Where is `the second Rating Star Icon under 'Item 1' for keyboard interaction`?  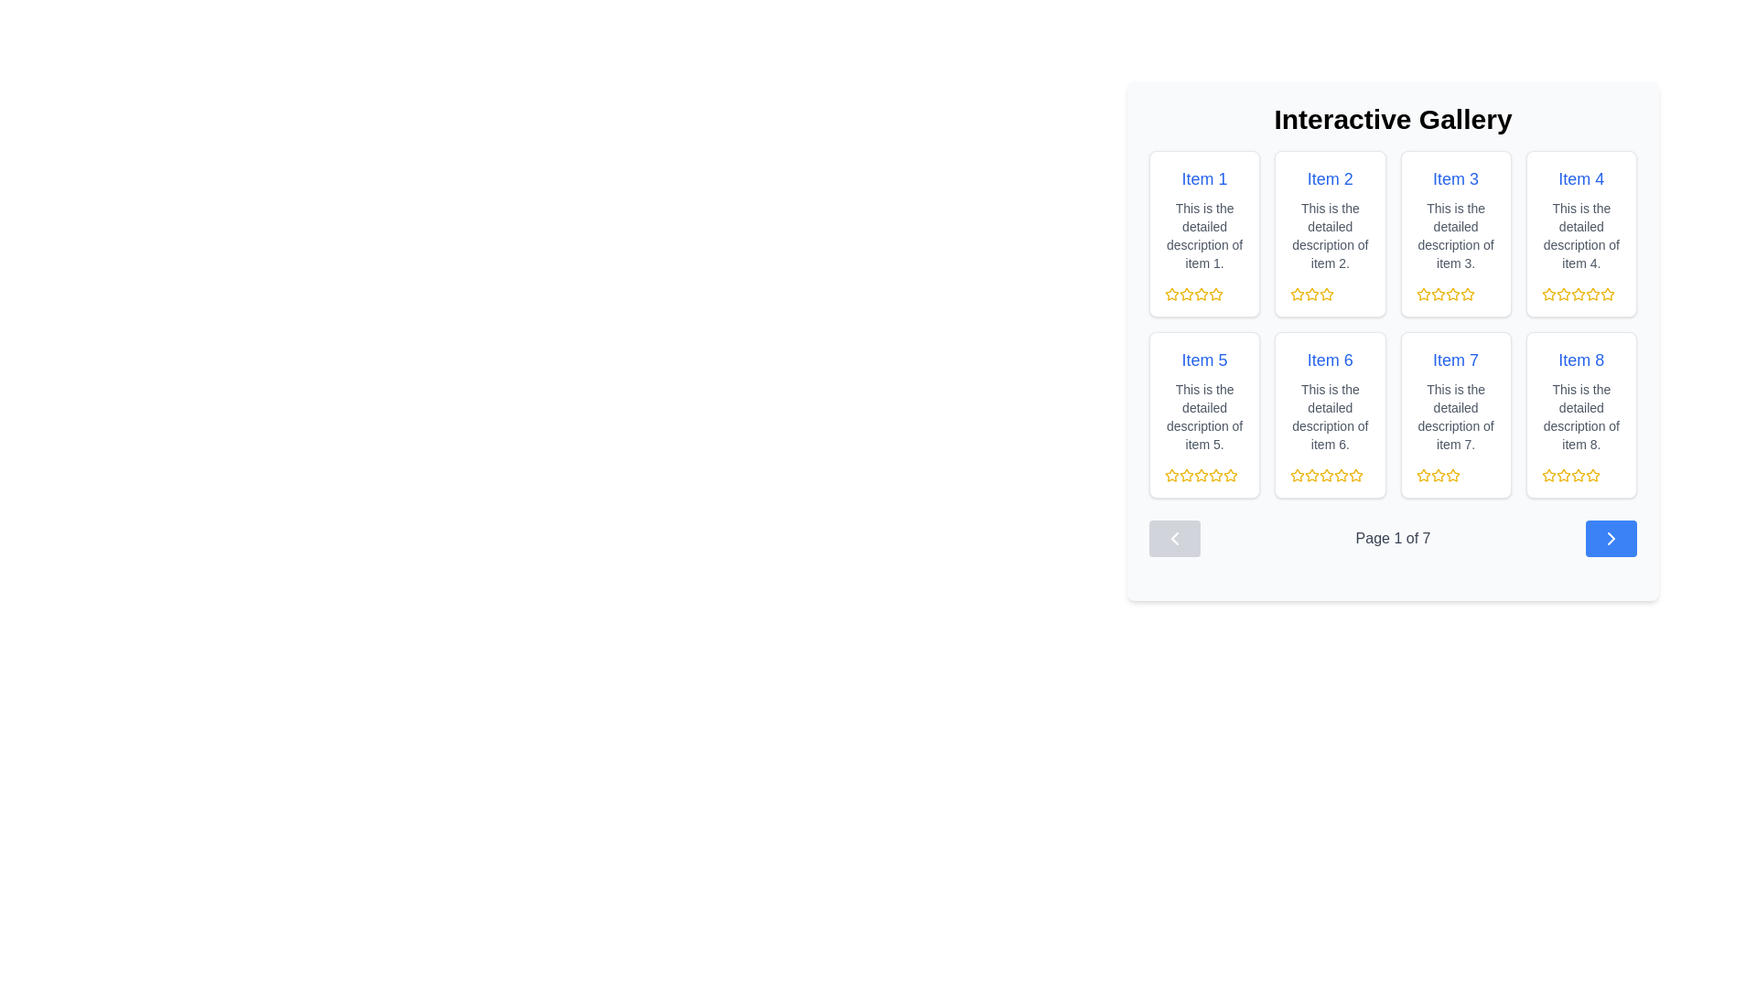 the second Rating Star Icon under 'Item 1' for keyboard interaction is located at coordinates (1186, 293).